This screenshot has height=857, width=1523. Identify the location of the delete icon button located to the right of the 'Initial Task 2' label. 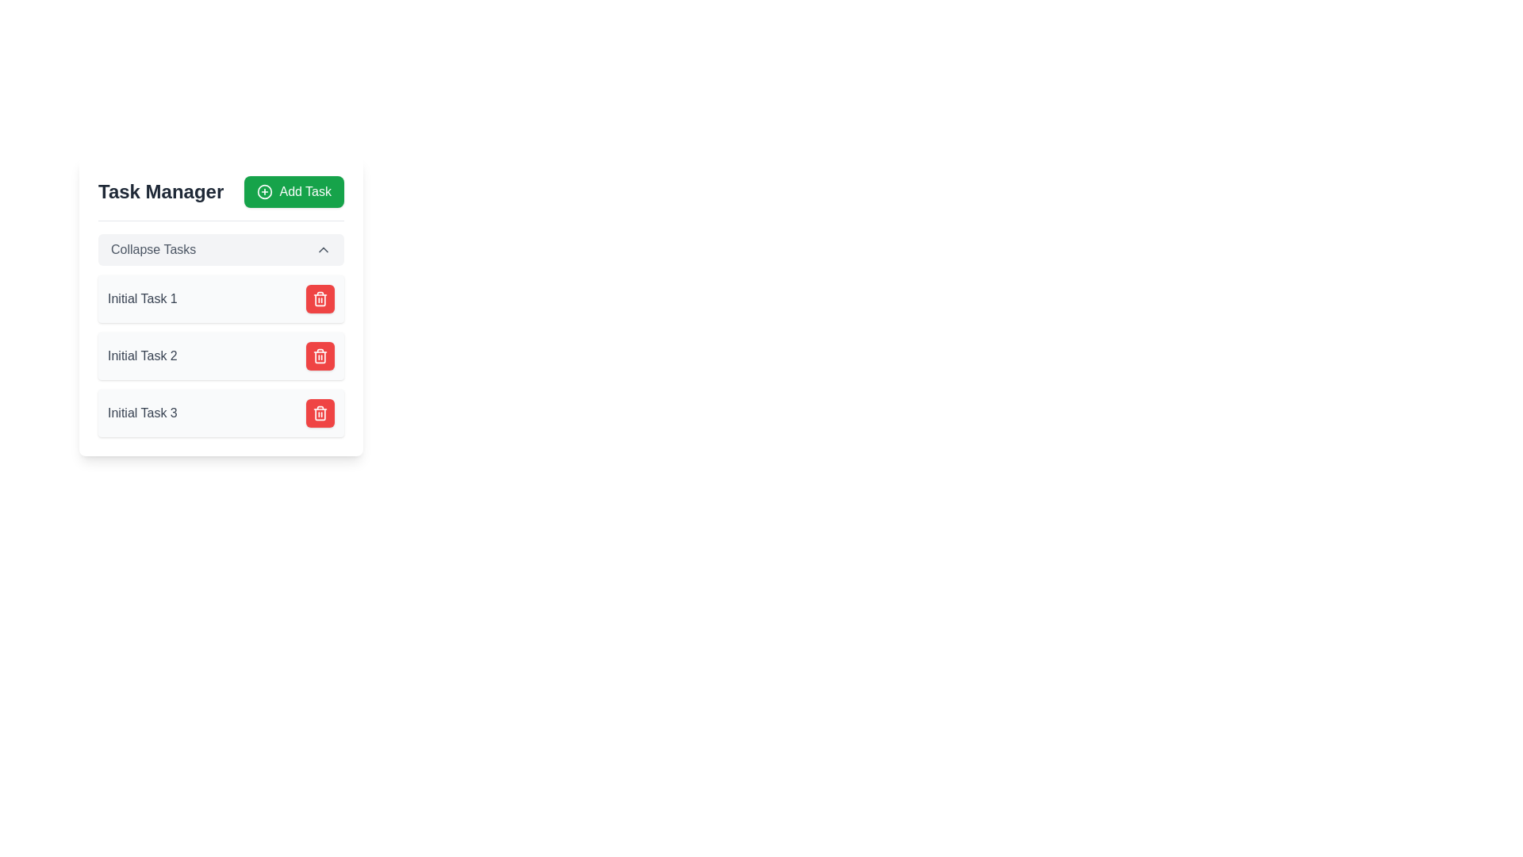
(319, 355).